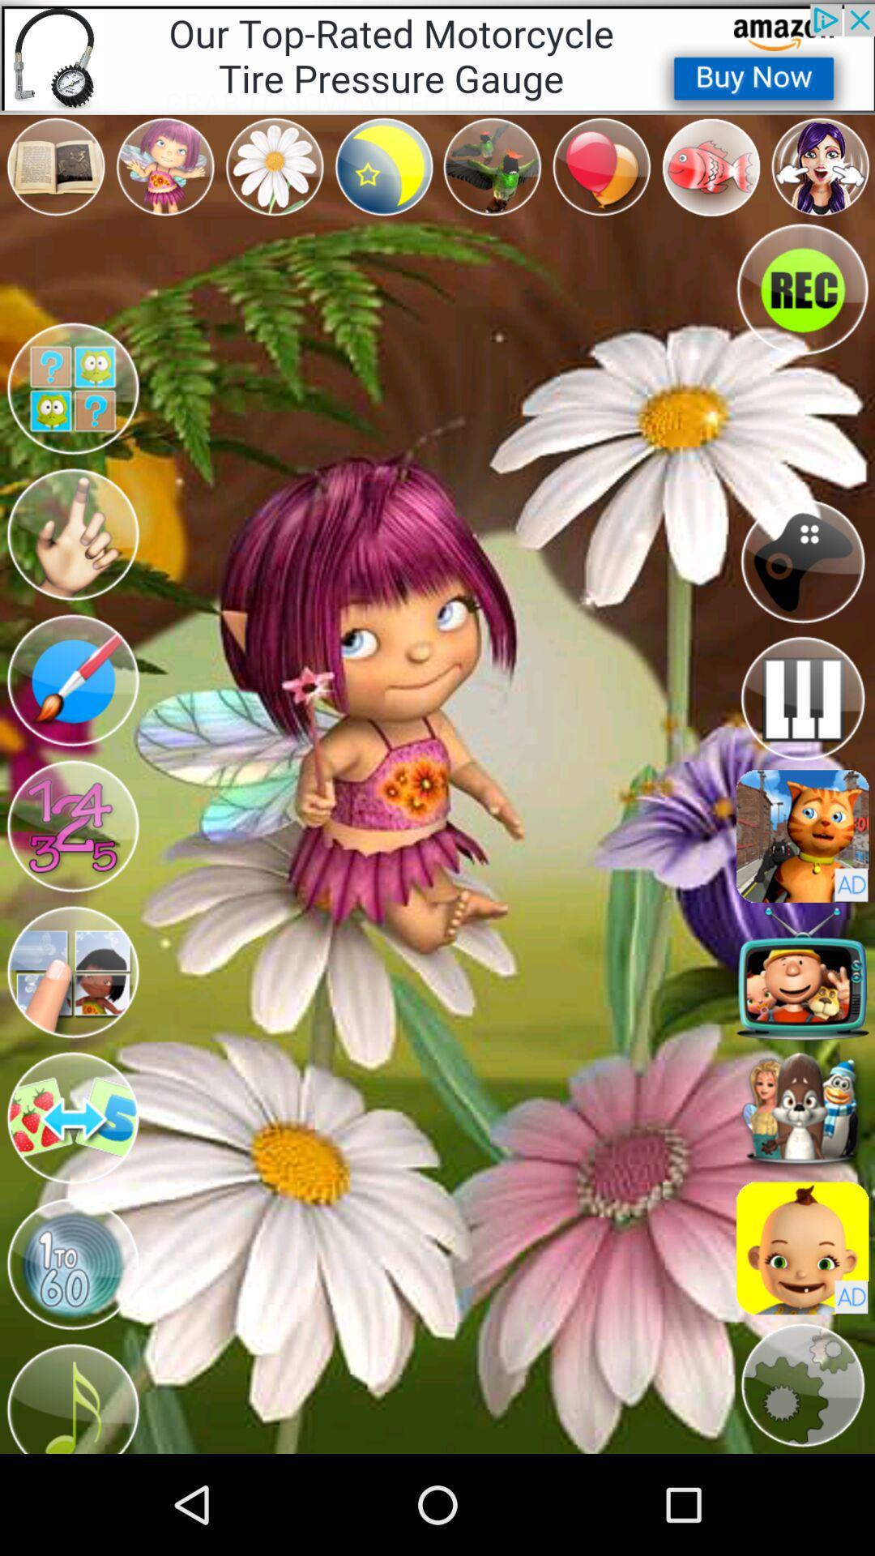 This screenshot has width=875, height=1556. Describe the element at coordinates (802, 1247) in the screenshot. I see `opens advertisement` at that location.